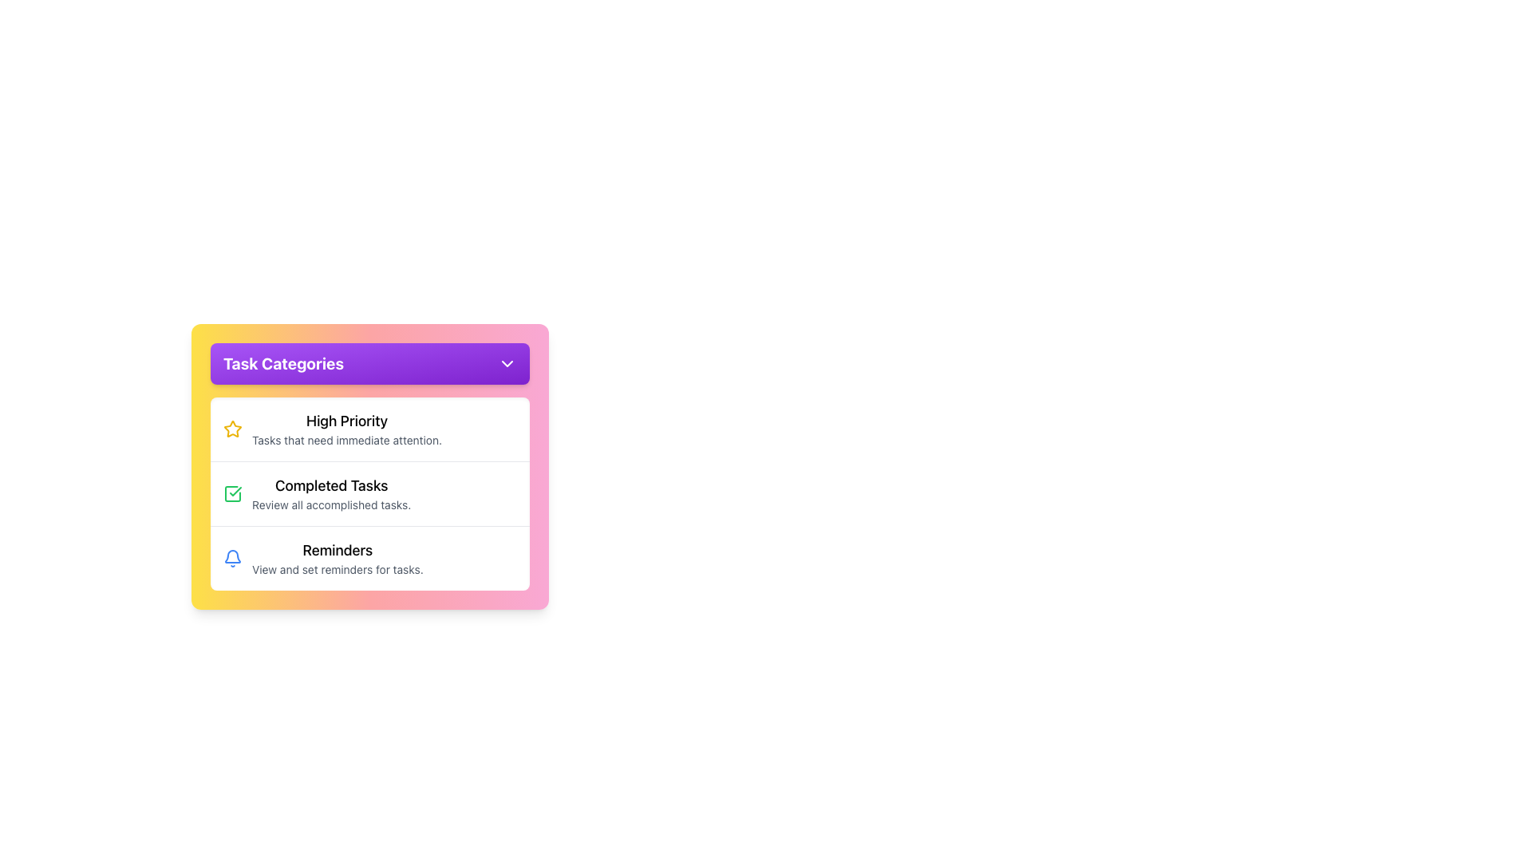 This screenshot has height=862, width=1532. What do you see at coordinates (506, 363) in the screenshot?
I see `the downward-pointing chevron icon with a purple color fill located next to the text 'Task Categories' in the header of the UI panel` at bounding box center [506, 363].